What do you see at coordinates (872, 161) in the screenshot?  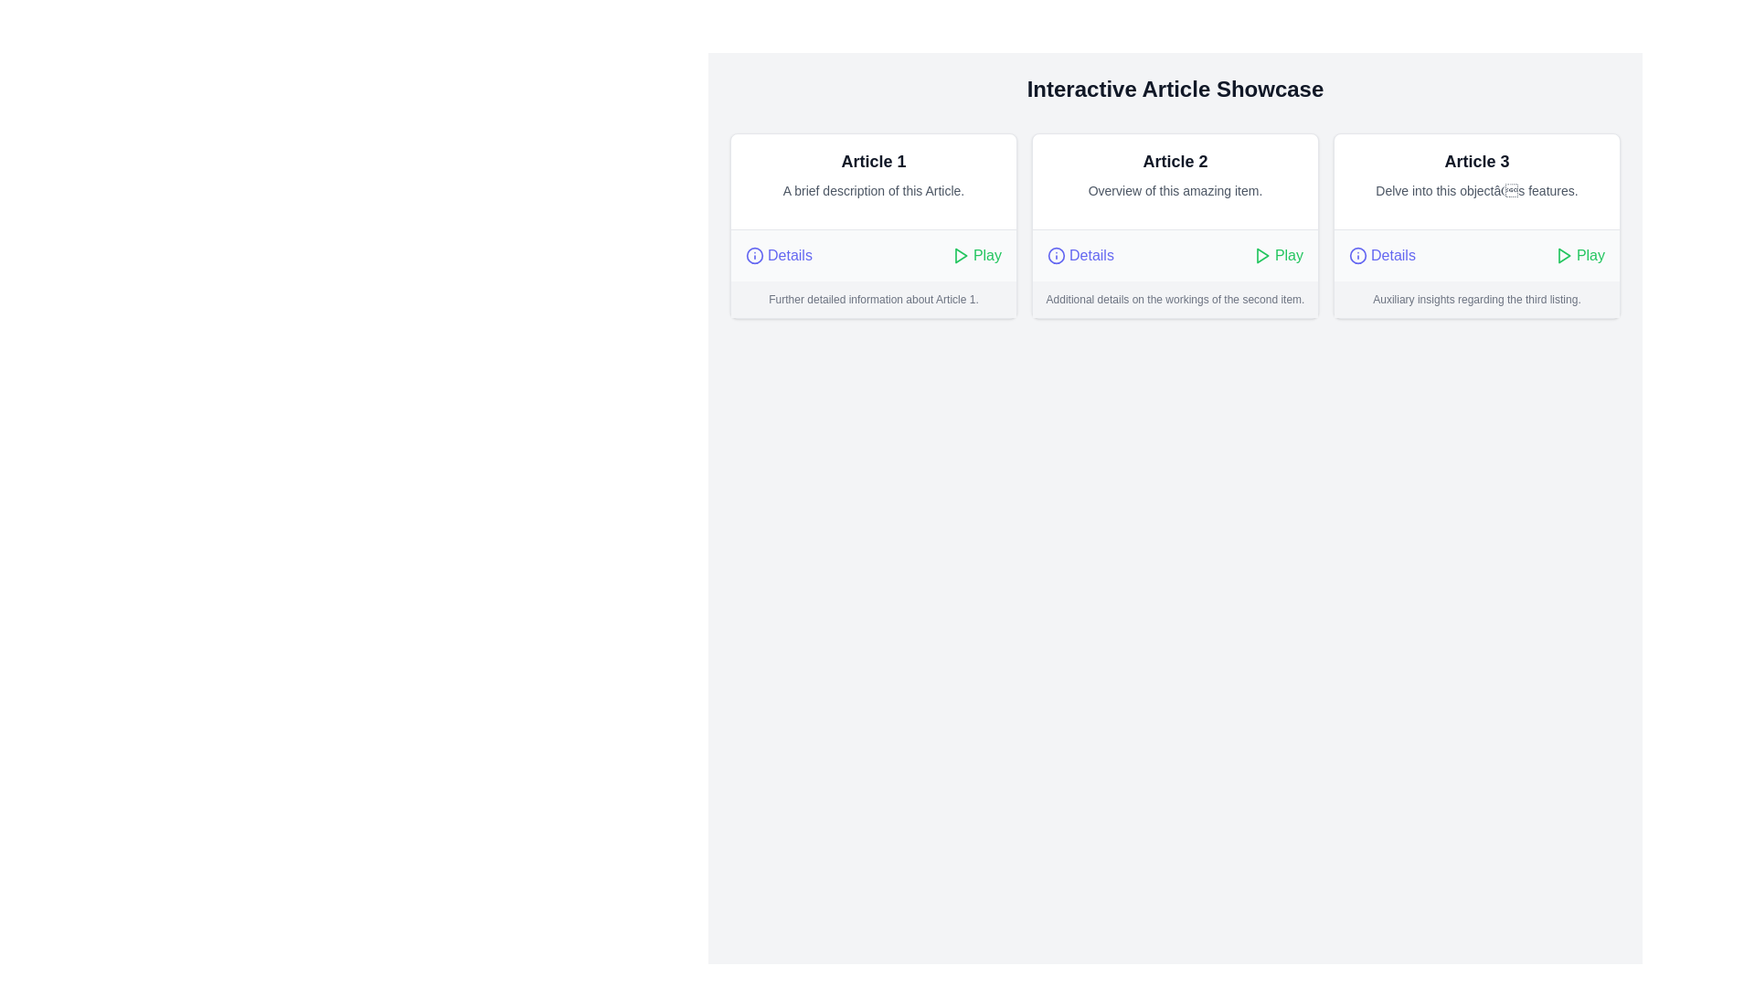 I see `headline text element styled with bold and large font that reads 'Article 1', located at the top of the first card in a grid of three cards` at bounding box center [872, 161].